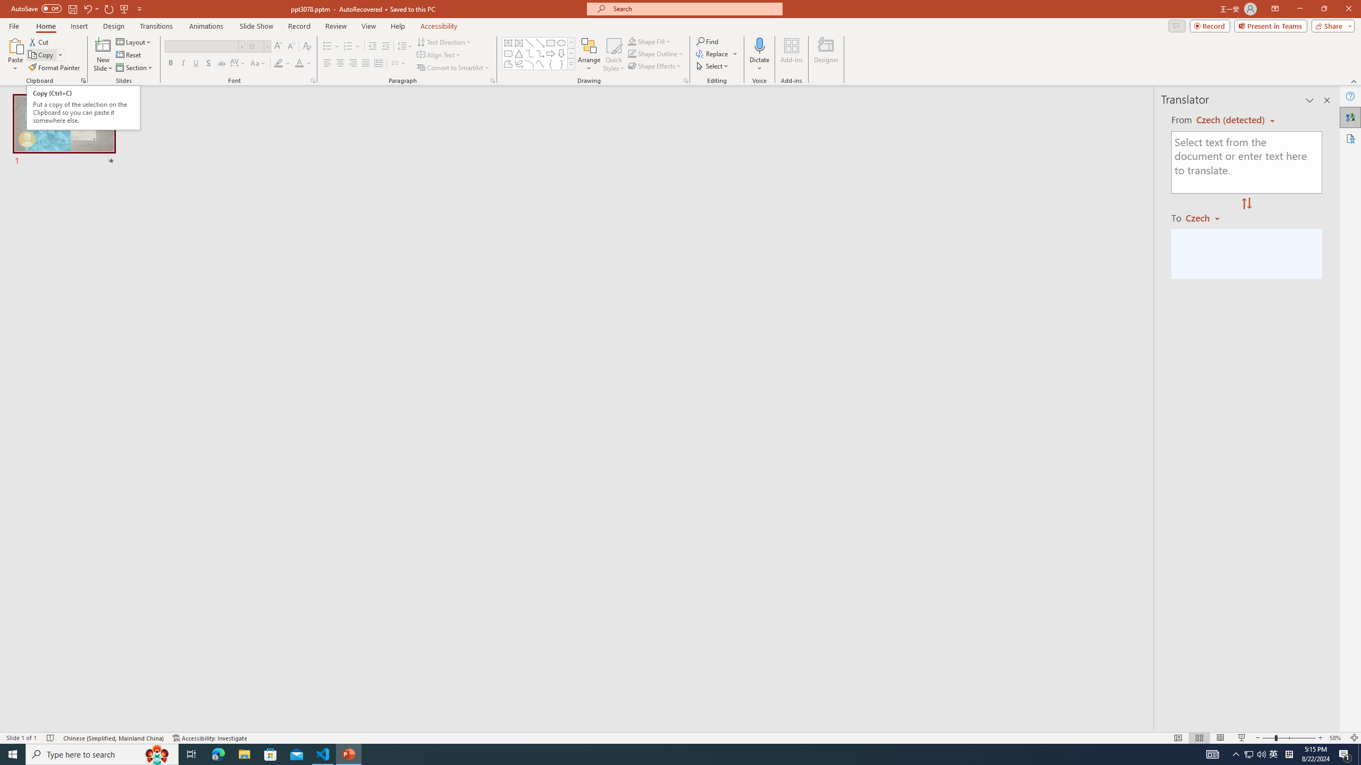 The width and height of the screenshot is (1361, 765). I want to click on 'Align Text', so click(439, 55).